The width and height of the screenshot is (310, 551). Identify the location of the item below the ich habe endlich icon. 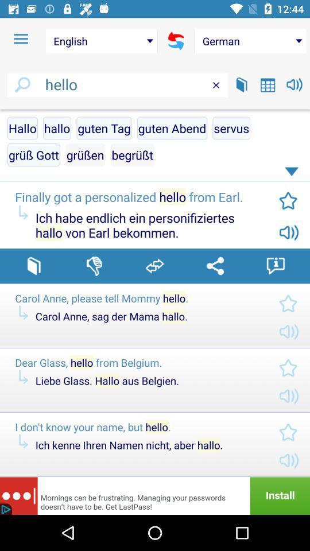
(215, 266).